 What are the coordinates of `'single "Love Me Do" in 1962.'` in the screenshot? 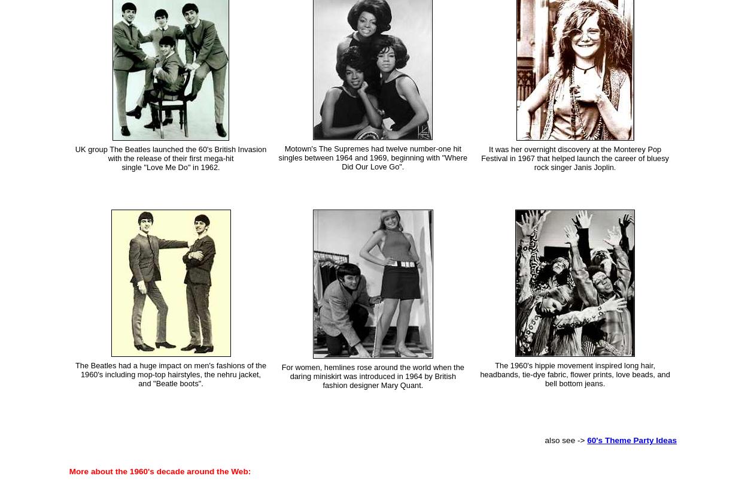 It's located at (171, 166).